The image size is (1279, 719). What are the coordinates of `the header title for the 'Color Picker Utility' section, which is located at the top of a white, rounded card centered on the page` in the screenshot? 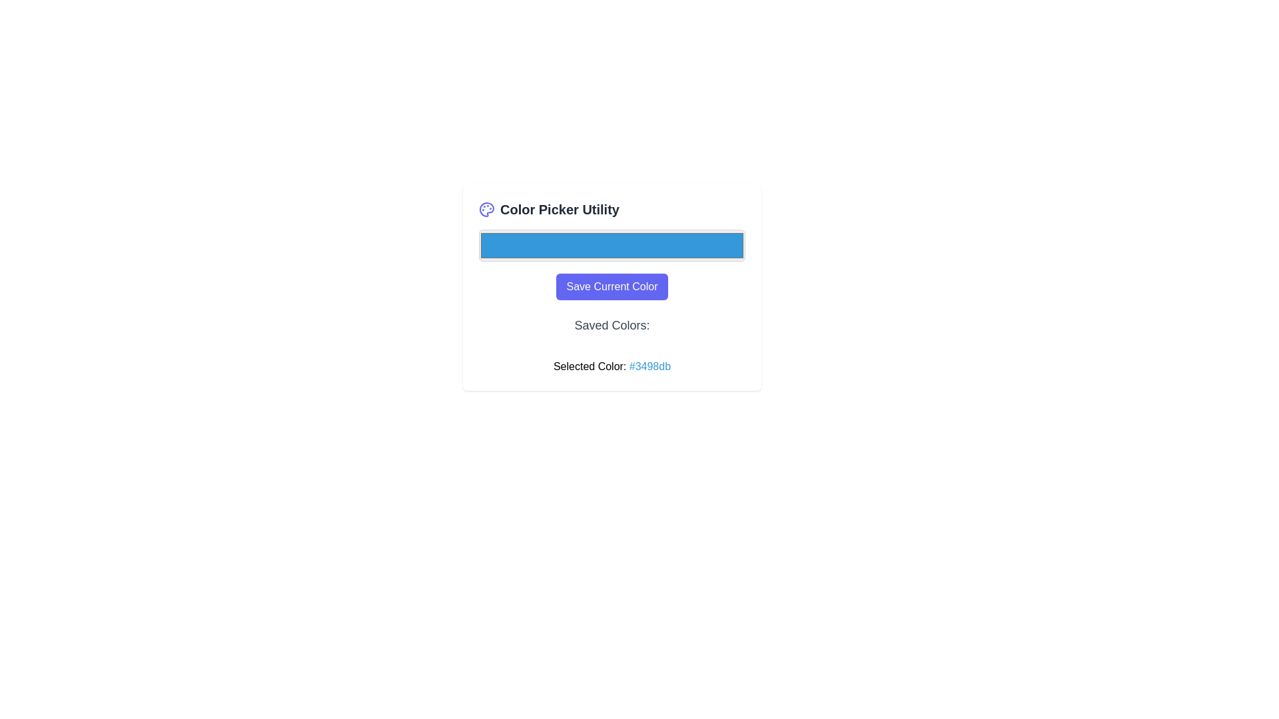 It's located at (611, 210).